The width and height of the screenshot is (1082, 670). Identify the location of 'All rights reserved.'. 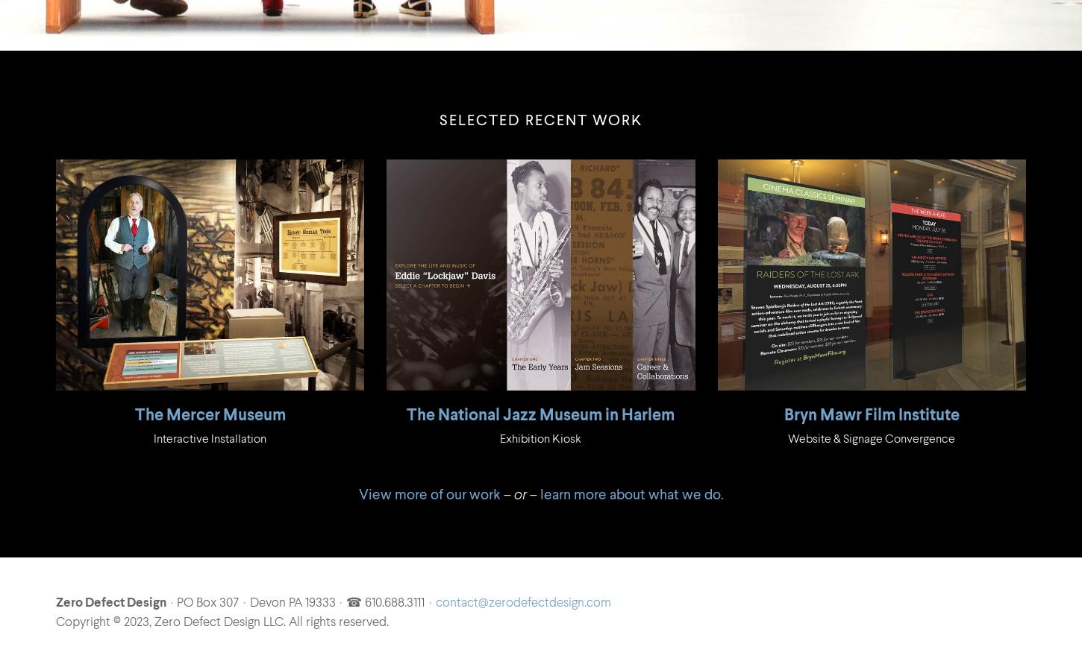
(337, 622).